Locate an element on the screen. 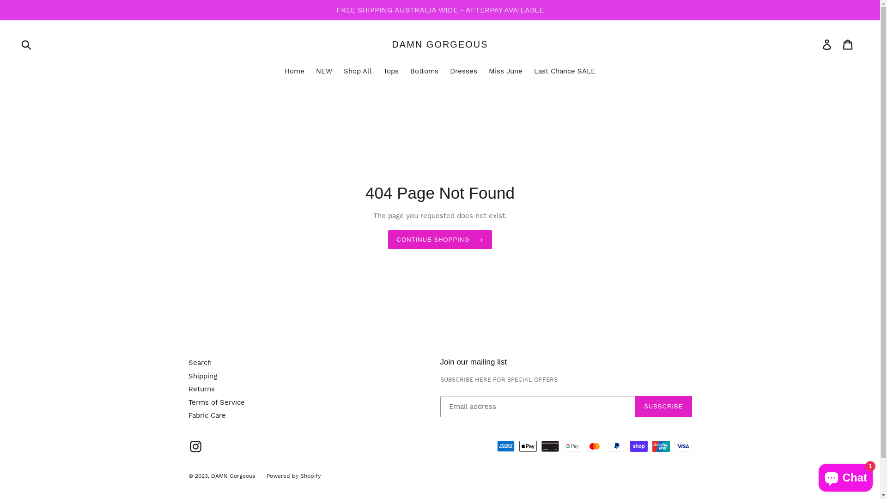 The image size is (887, 499). 'Last Chance SALE' is located at coordinates (529, 71).